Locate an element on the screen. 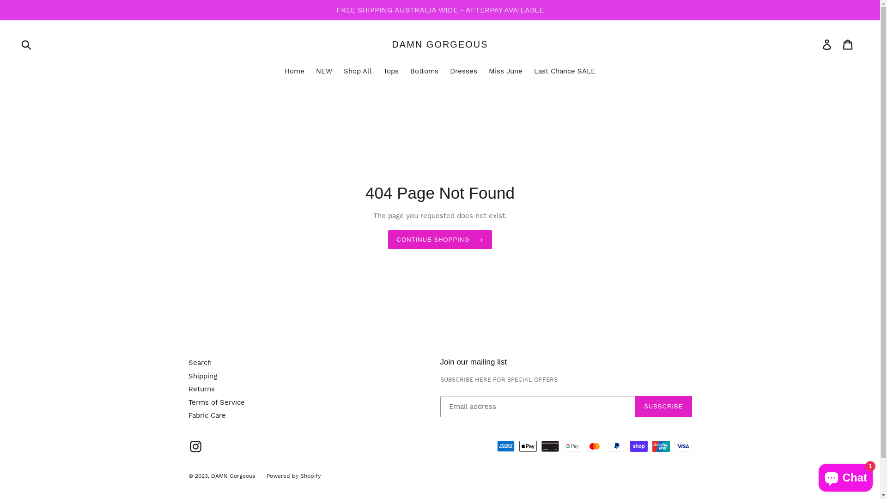 The image size is (887, 499). 'Last Chance SALE' is located at coordinates (529, 71).